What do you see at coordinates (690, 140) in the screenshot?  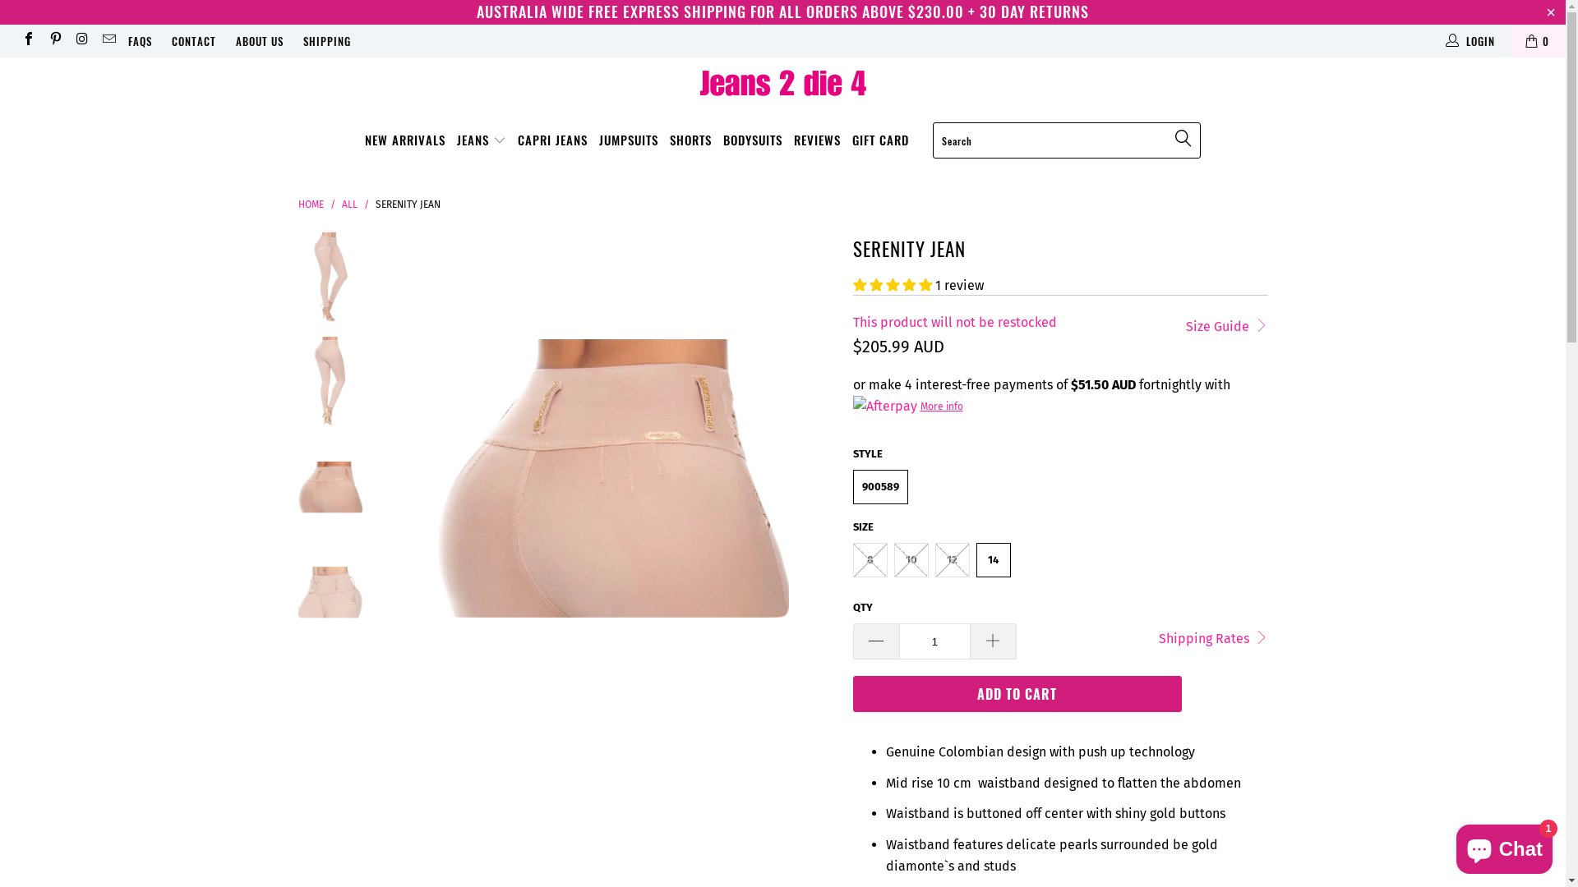 I see `'SHORTS'` at bounding box center [690, 140].